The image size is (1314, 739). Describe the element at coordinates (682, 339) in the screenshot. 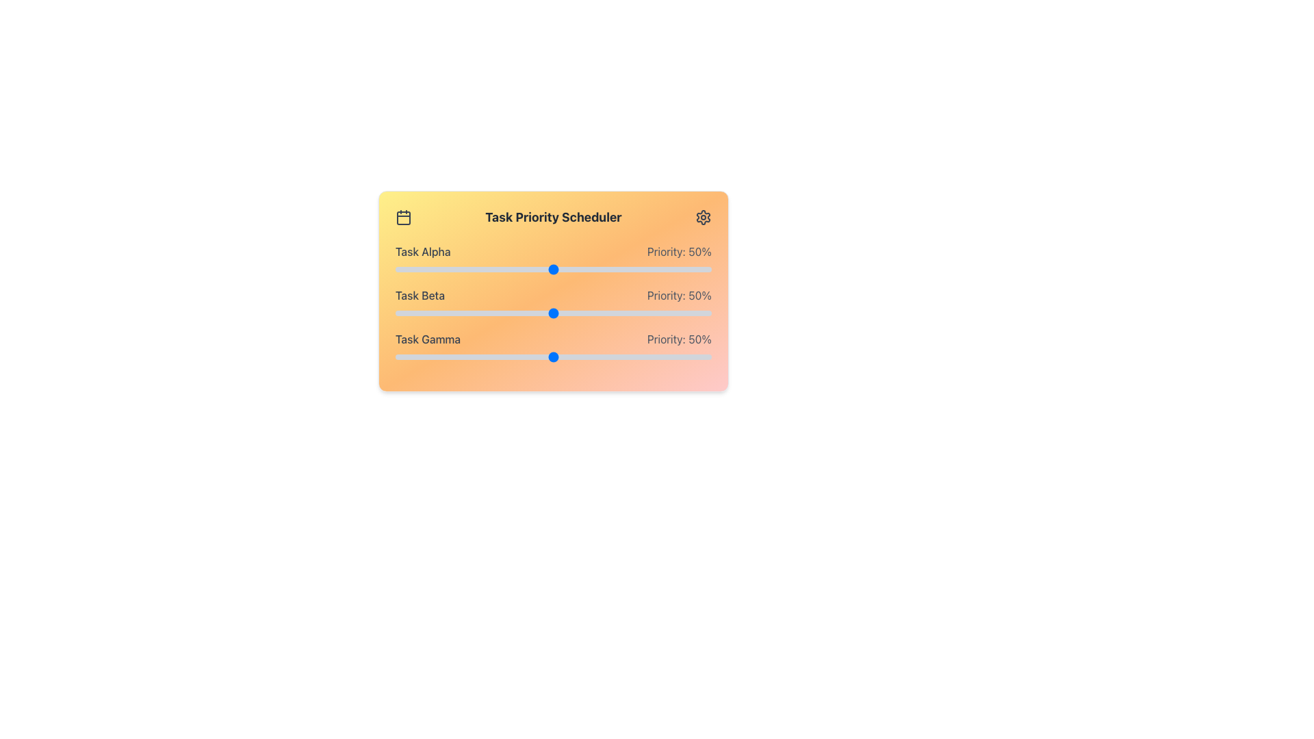

I see `the priority value of Task Gamma` at that location.